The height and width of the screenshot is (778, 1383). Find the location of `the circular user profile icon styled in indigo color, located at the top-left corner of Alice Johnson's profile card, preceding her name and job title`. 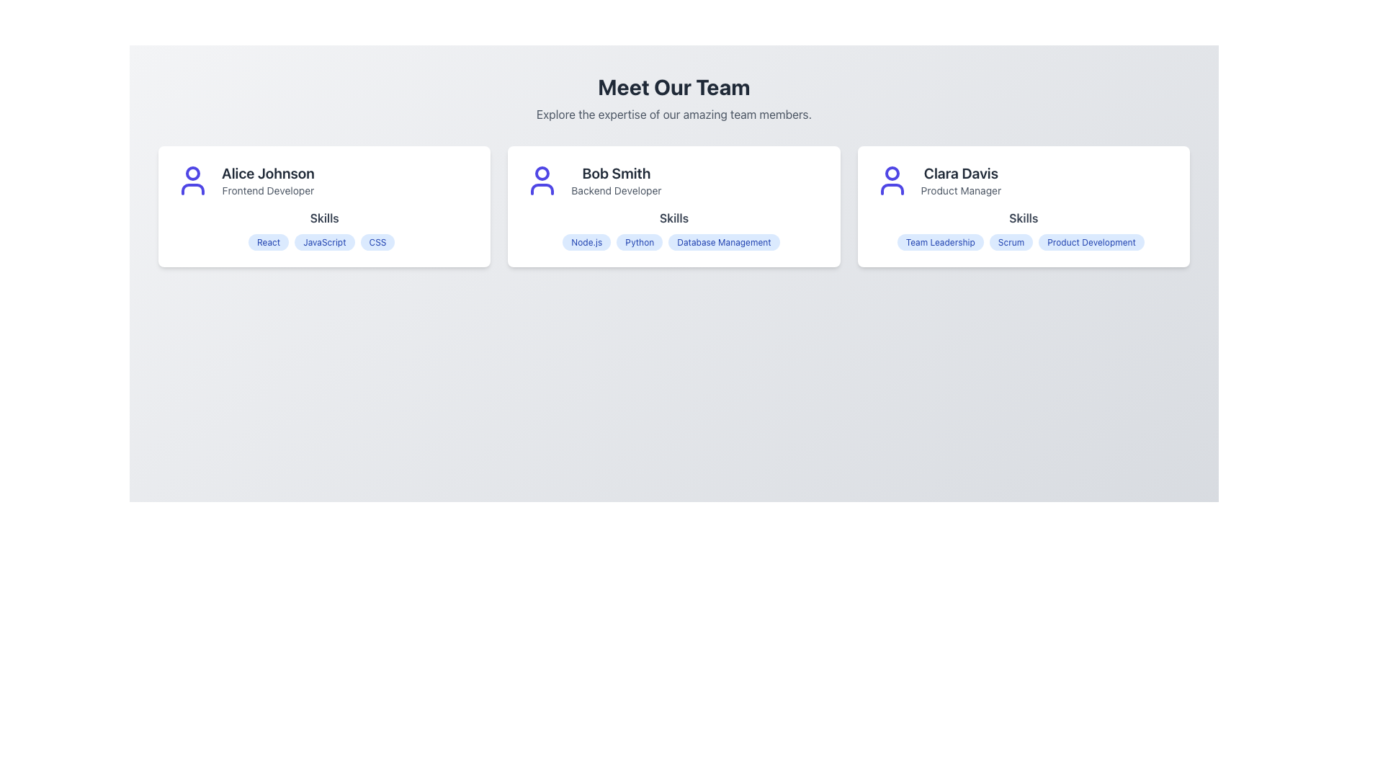

the circular user profile icon styled in indigo color, located at the top-left corner of Alice Johnson's profile card, preceding her name and job title is located at coordinates (192, 179).